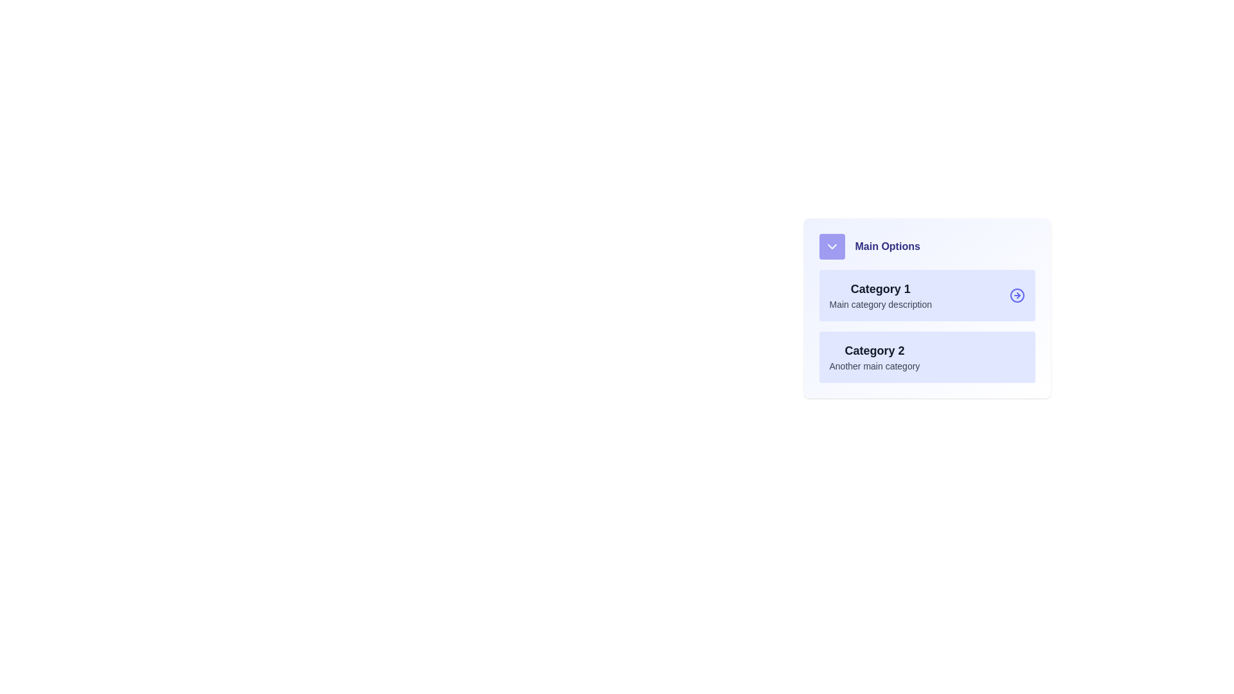  I want to click on the static text label that reads 'Another main category', which is styled in gray and located below 'Category 2' within the 'Main Options' card, so click(874, 366).